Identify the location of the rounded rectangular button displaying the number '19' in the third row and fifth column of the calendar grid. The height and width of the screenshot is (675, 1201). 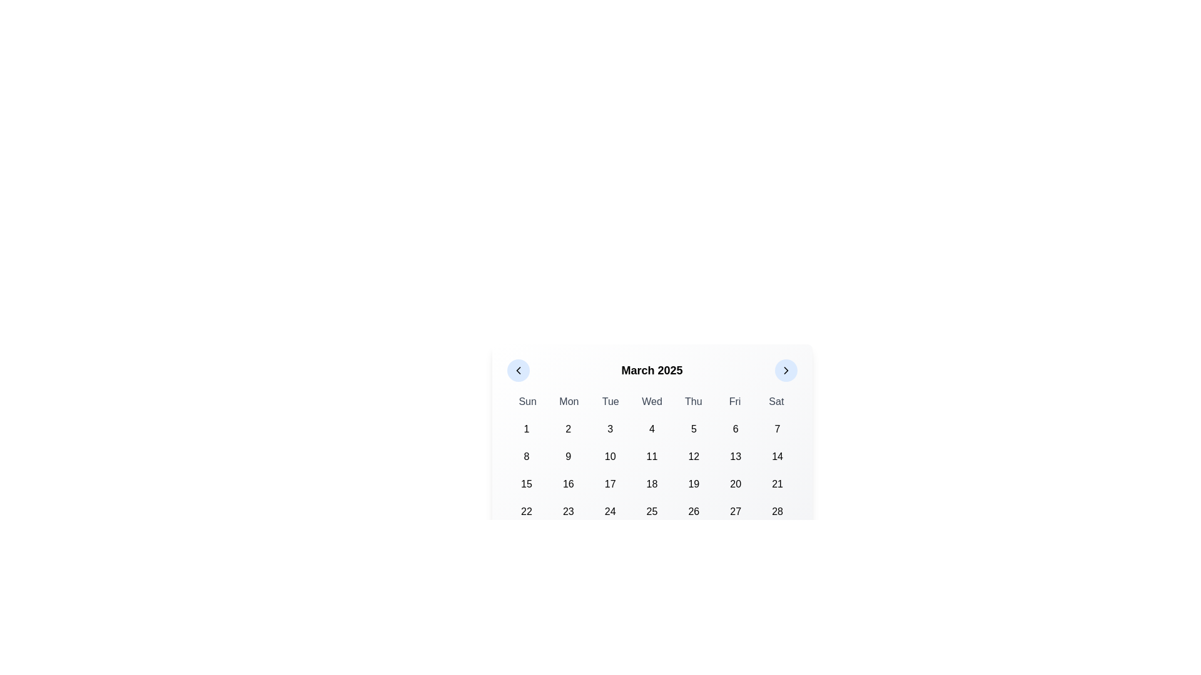
(693, 484).